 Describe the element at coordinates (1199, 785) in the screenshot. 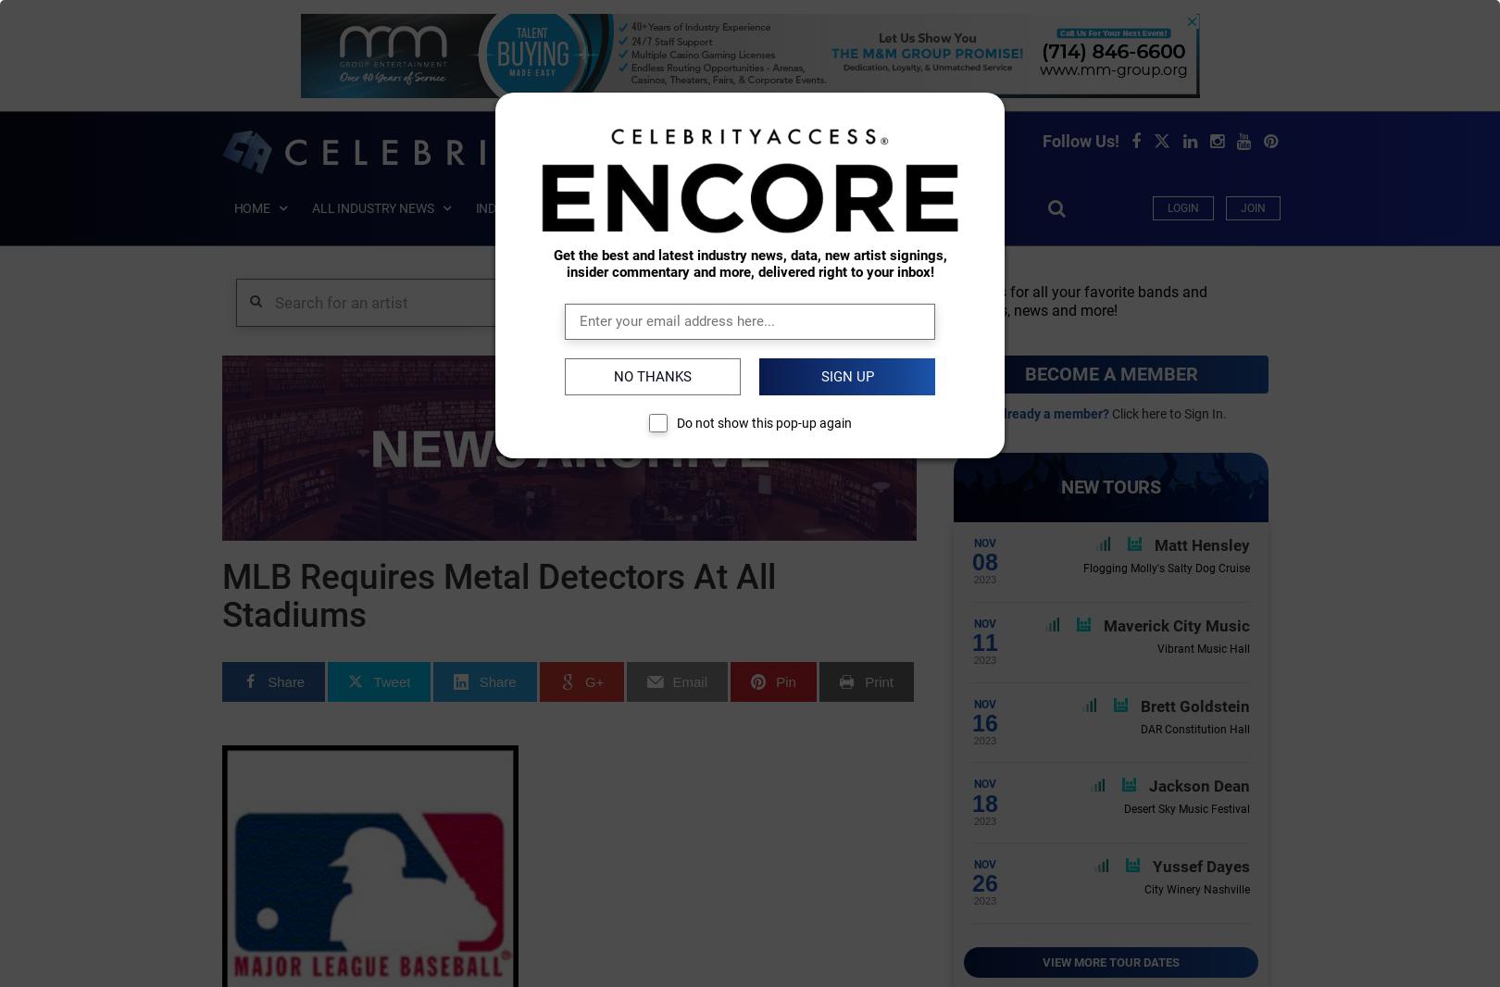

I see `'Jackson Dean'` at that location.